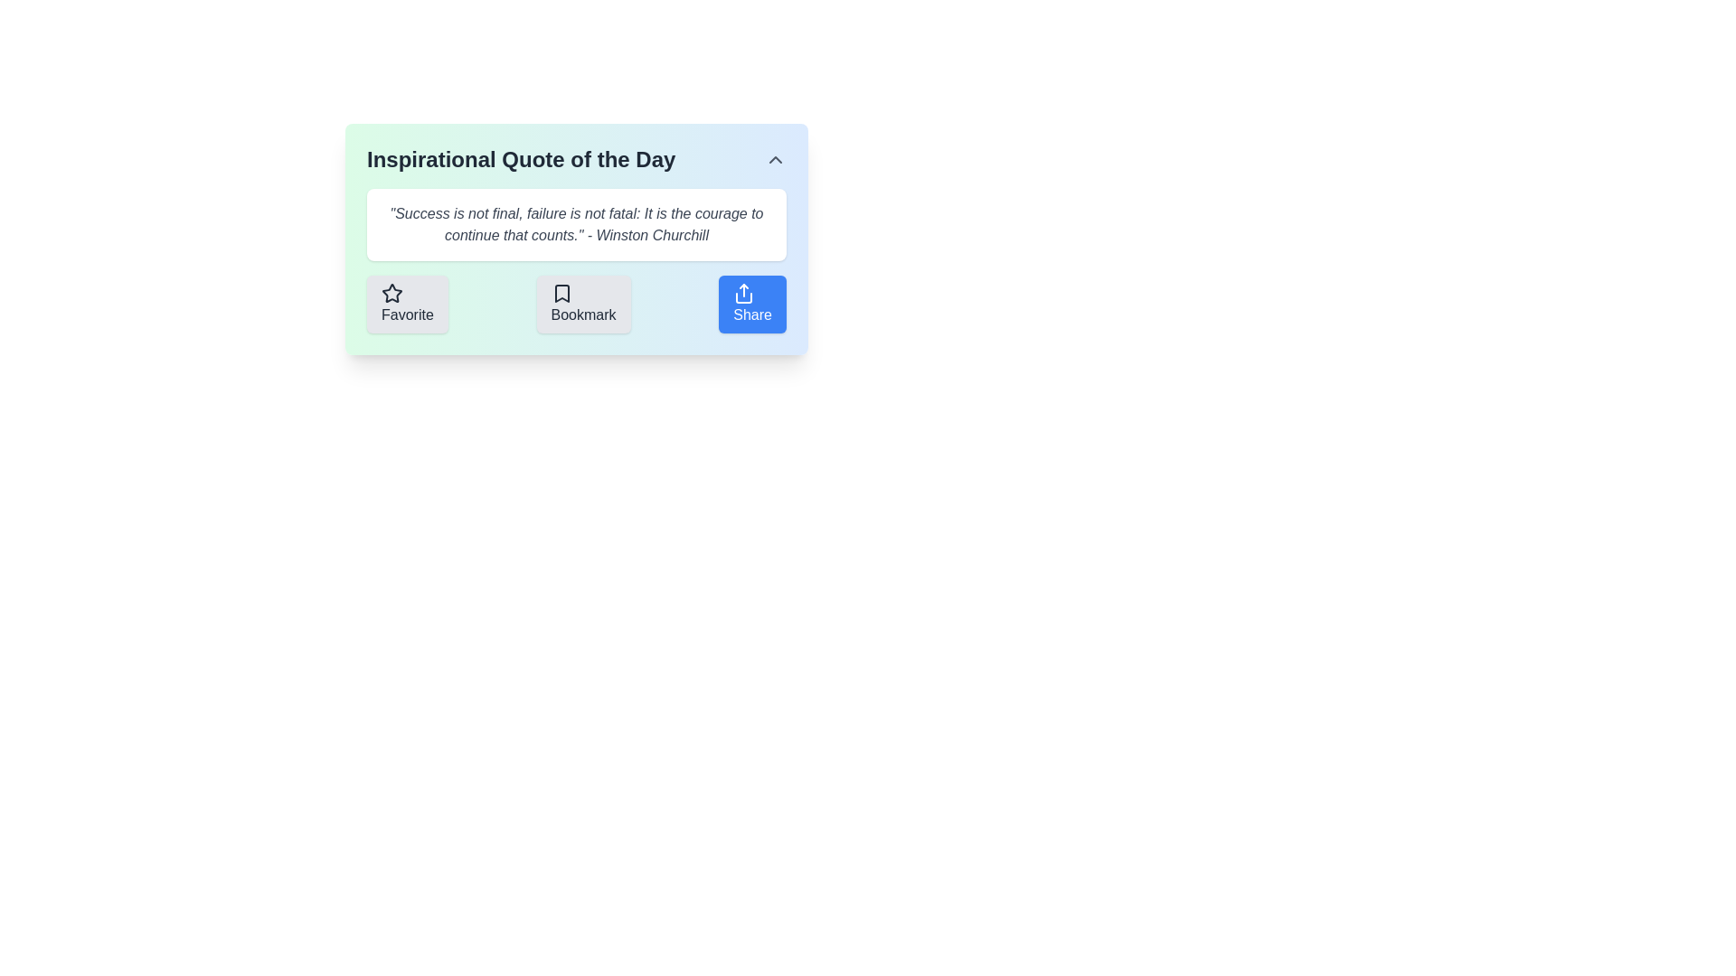 The width and height of the screenshot is (1736, 976). Describe the element at coordinates (391, 292) in the screenshot. I see `the leftmost Icon button to favorite or unfavorite the displayed quote` at that location.